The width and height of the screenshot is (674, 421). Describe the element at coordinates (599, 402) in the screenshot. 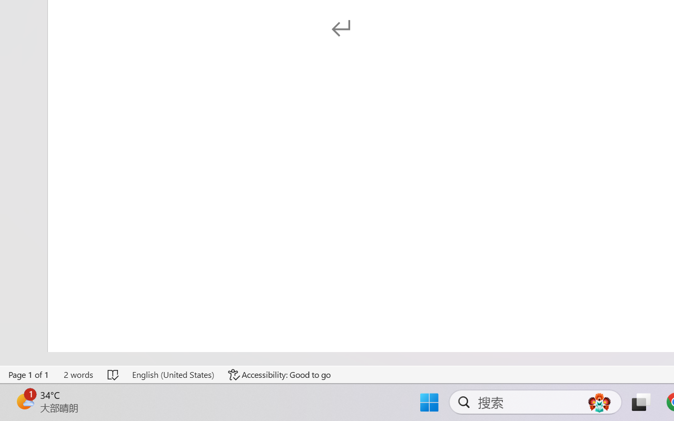

I see `'AutomationID: DynamicSearchBoxGleamImage'` at that location.